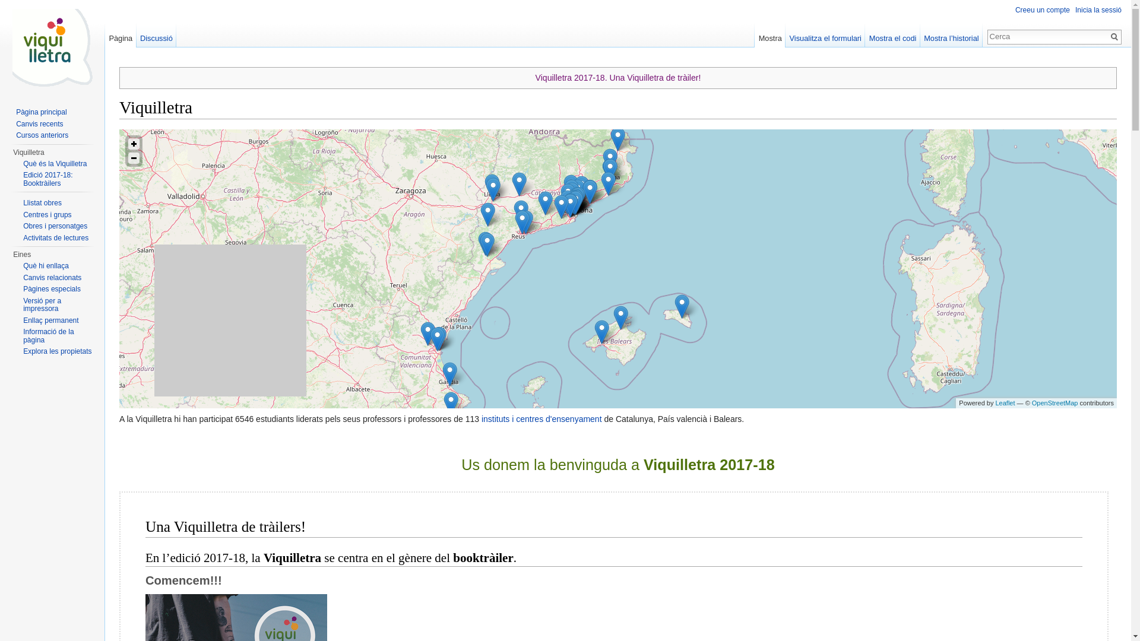 The width and height of the screenshot is (1140, 641). I want to click on 'Zoom out', so click(134, 157).